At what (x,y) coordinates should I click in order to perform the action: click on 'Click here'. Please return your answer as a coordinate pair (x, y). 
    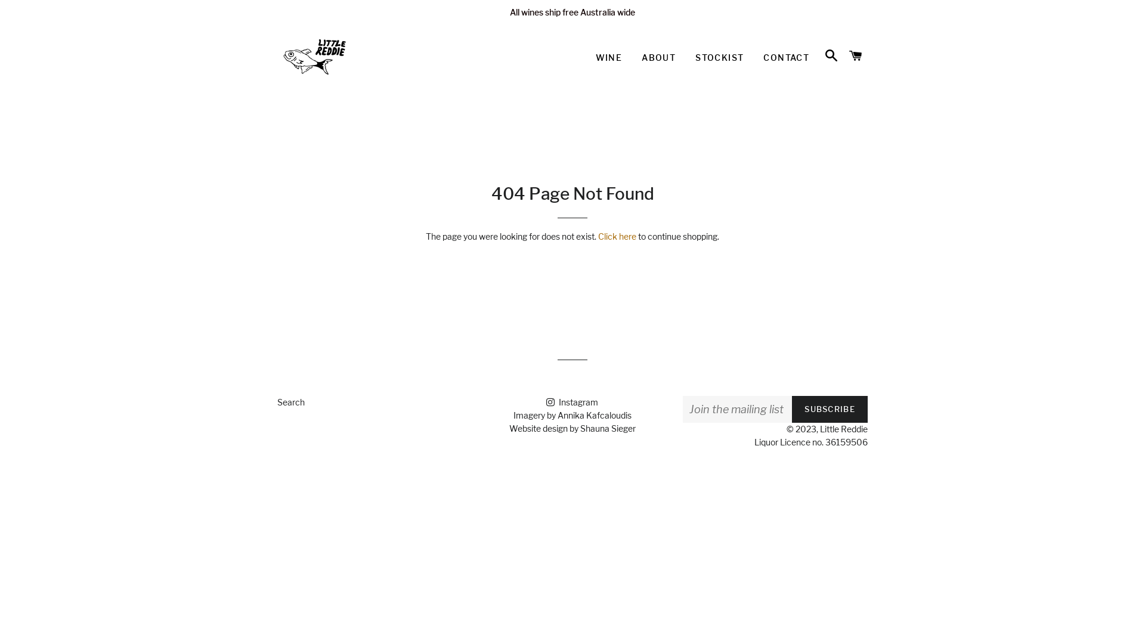
    Looking at the image, I should click on (617, 236).